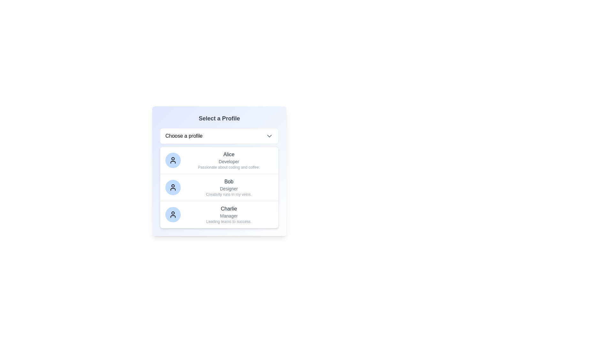 Image resolution: width=613 pixels, height=345 pixels. Describe the element at coordinates (173, 187) in the screenshot. I see `the circular blue user profile icon for 'Bob'` at that location.